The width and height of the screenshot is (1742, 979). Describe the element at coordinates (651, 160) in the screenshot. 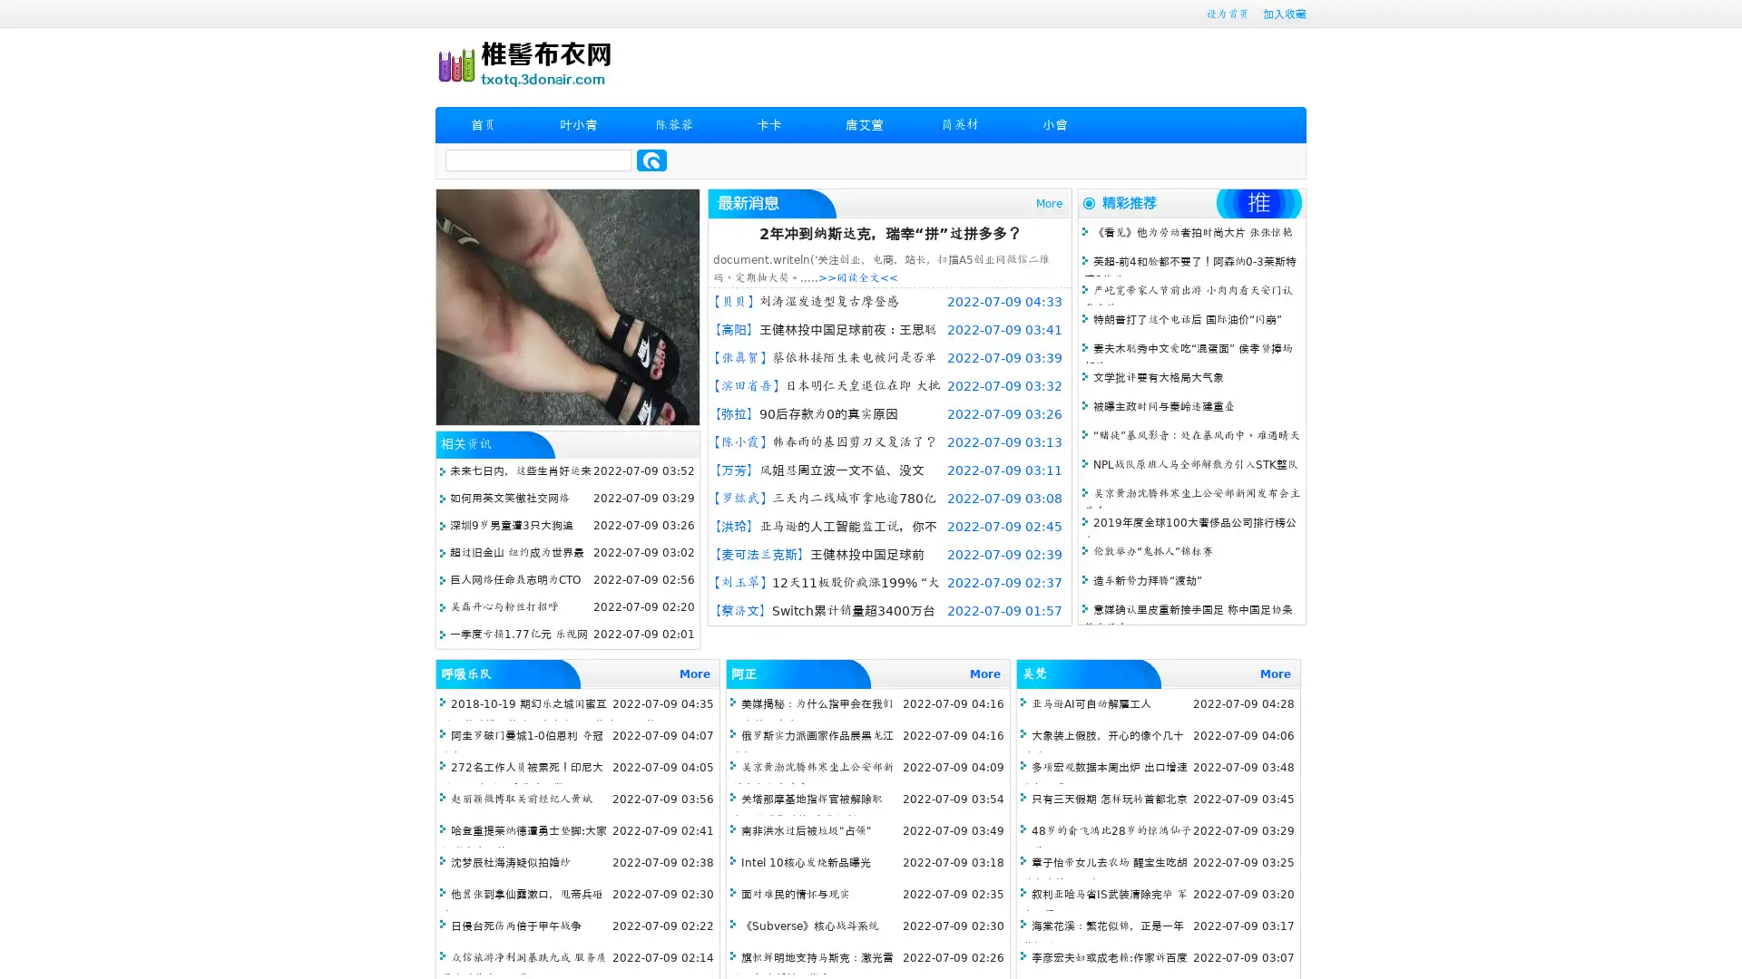

I see `Search` at that location.